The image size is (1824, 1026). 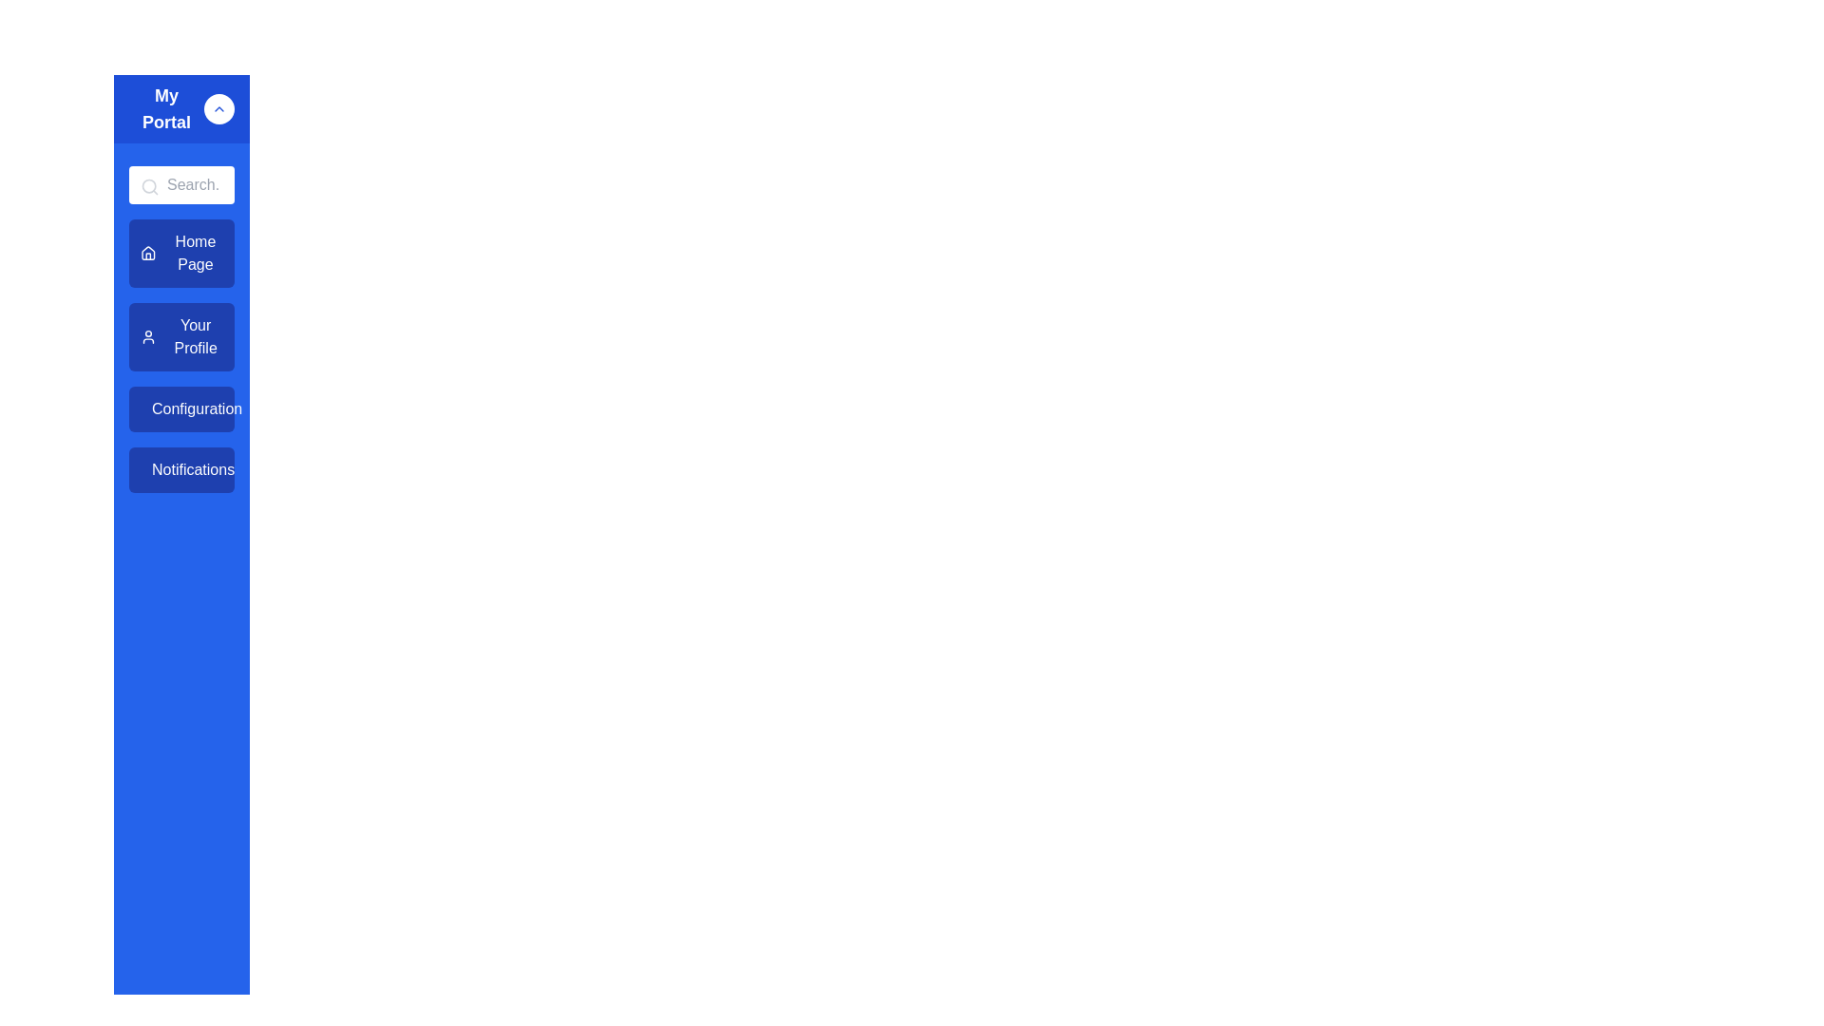 I want to click on the upward chevron icon located within the circular button near the top-right corner of the sidebar, adjacent to the 'My Portal' header, so click(x=219, y=109).